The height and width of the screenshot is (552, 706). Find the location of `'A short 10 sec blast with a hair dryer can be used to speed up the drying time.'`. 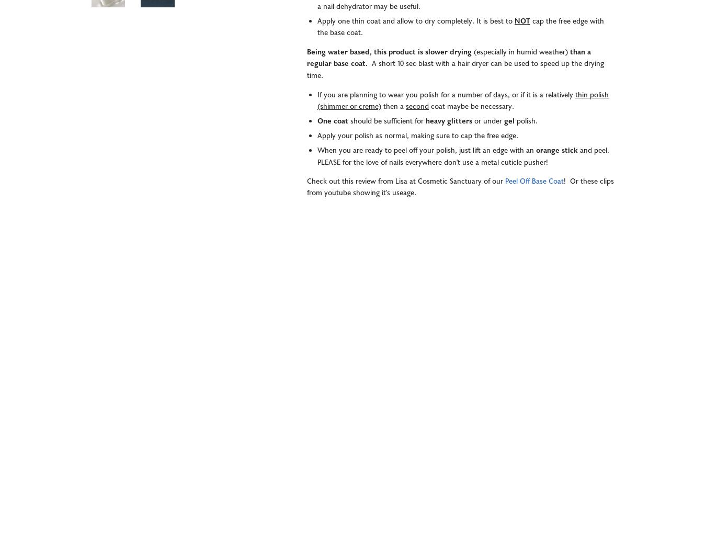

'A short 10 sec blast with a hair dryer can be used to speed up the drying time.' is located at coordinates (456, 70).